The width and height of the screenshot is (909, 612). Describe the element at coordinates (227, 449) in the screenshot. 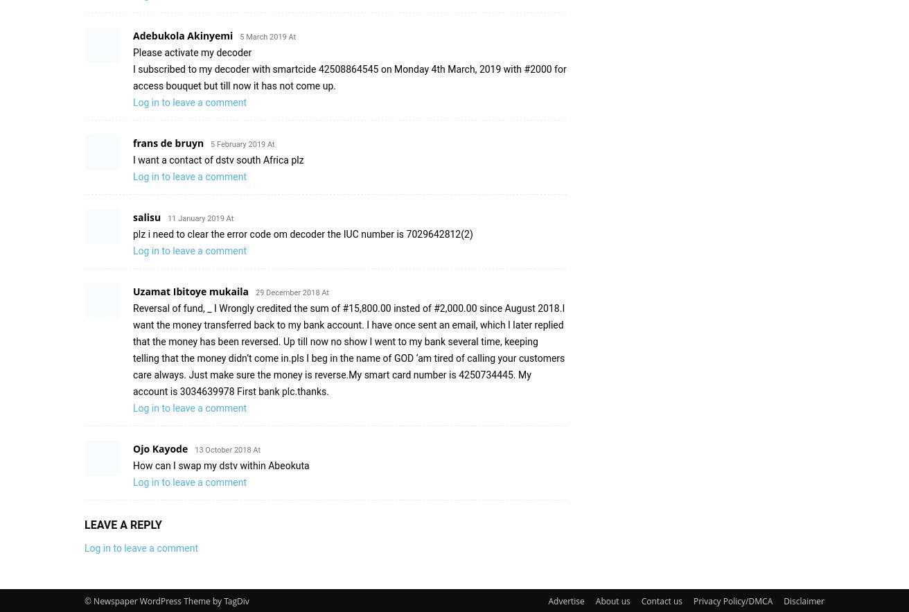

I see `'13 October 2018						    At'` at that location.